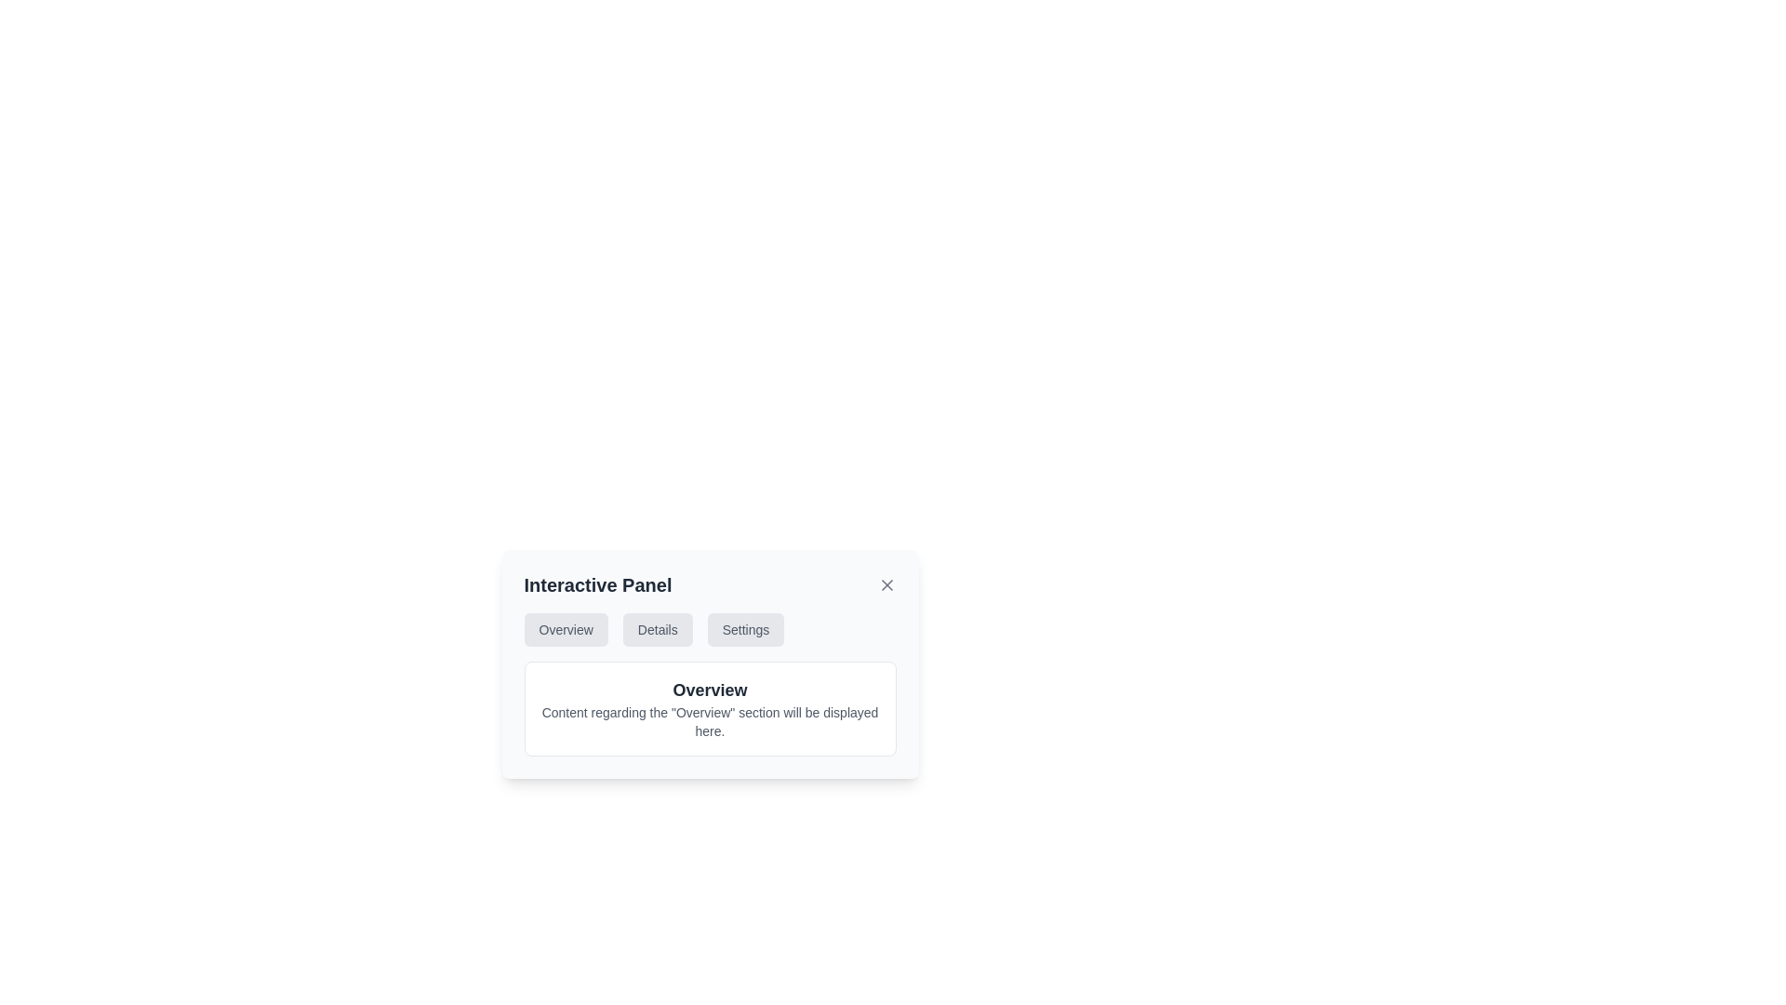 The width and height of the screenshot is (1786, 1005). I want to click on the gray 'X' close button located at the top-right corner of the 'Interactive Panel' to change its color, so click(886, 583).